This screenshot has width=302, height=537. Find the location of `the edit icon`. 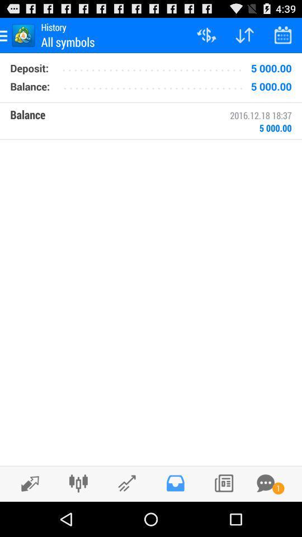

the edit icon is located at coordinates (27, 517).